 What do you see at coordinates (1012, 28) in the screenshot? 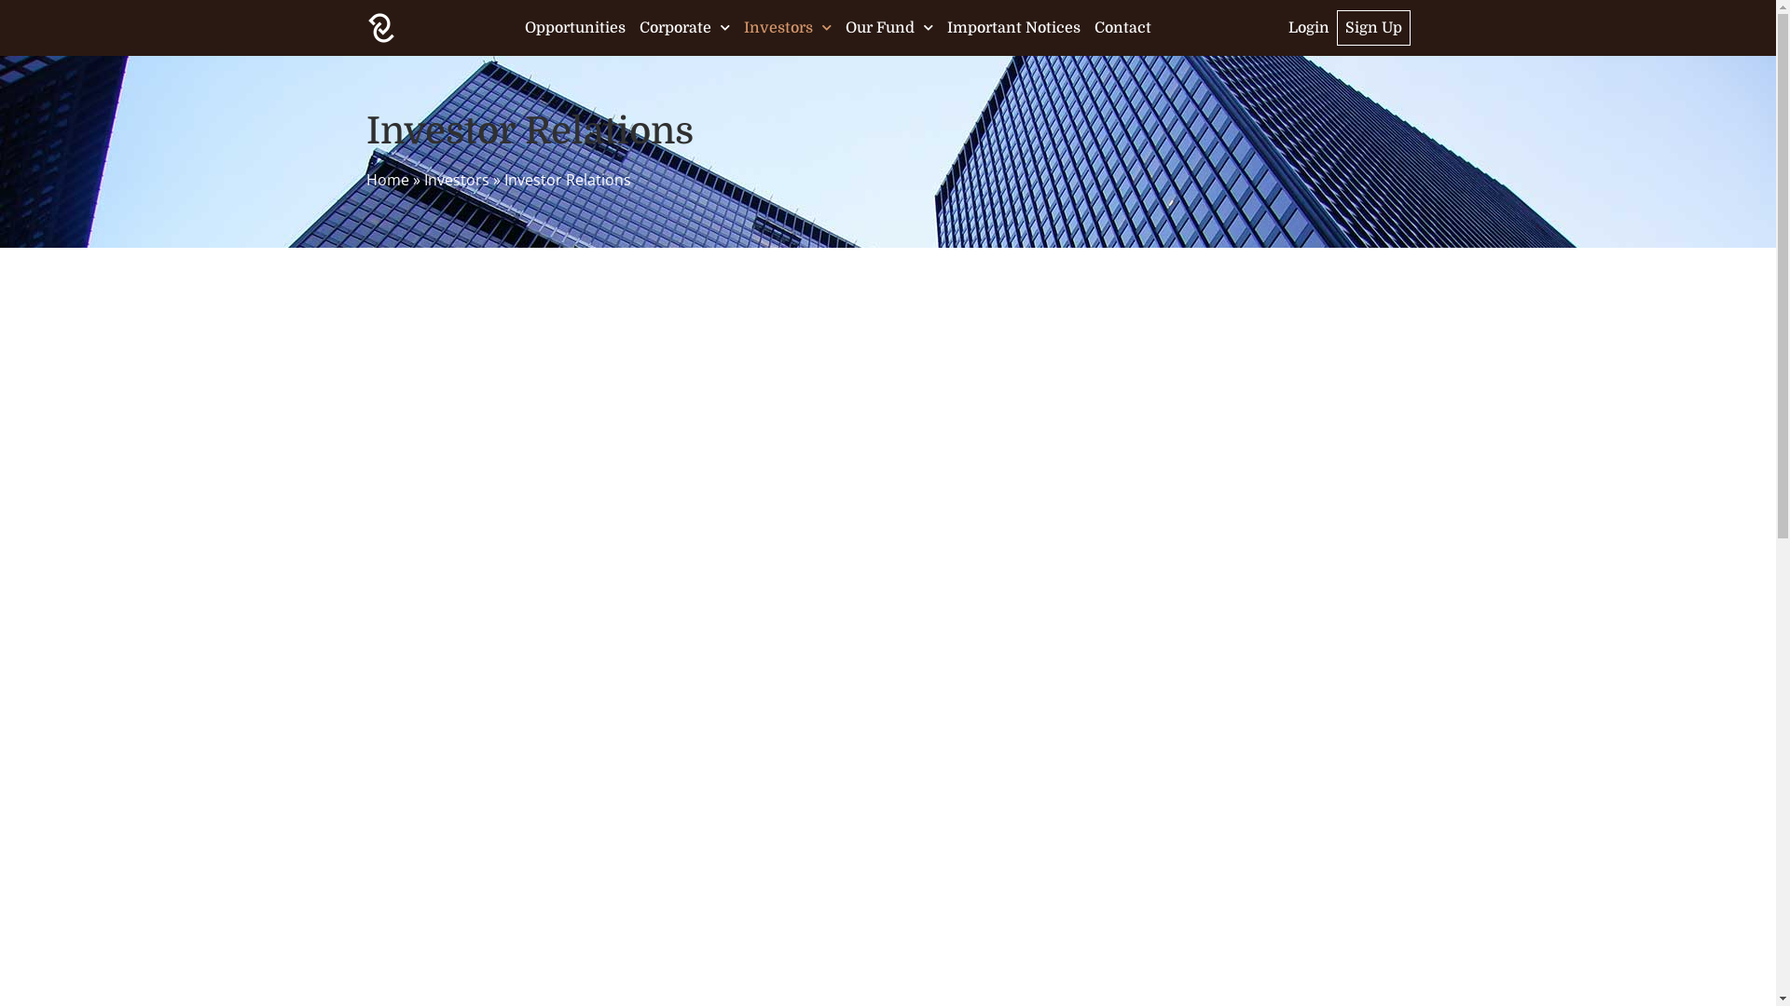
I see `'Important Notices'` at bounding box center [1012, 28].